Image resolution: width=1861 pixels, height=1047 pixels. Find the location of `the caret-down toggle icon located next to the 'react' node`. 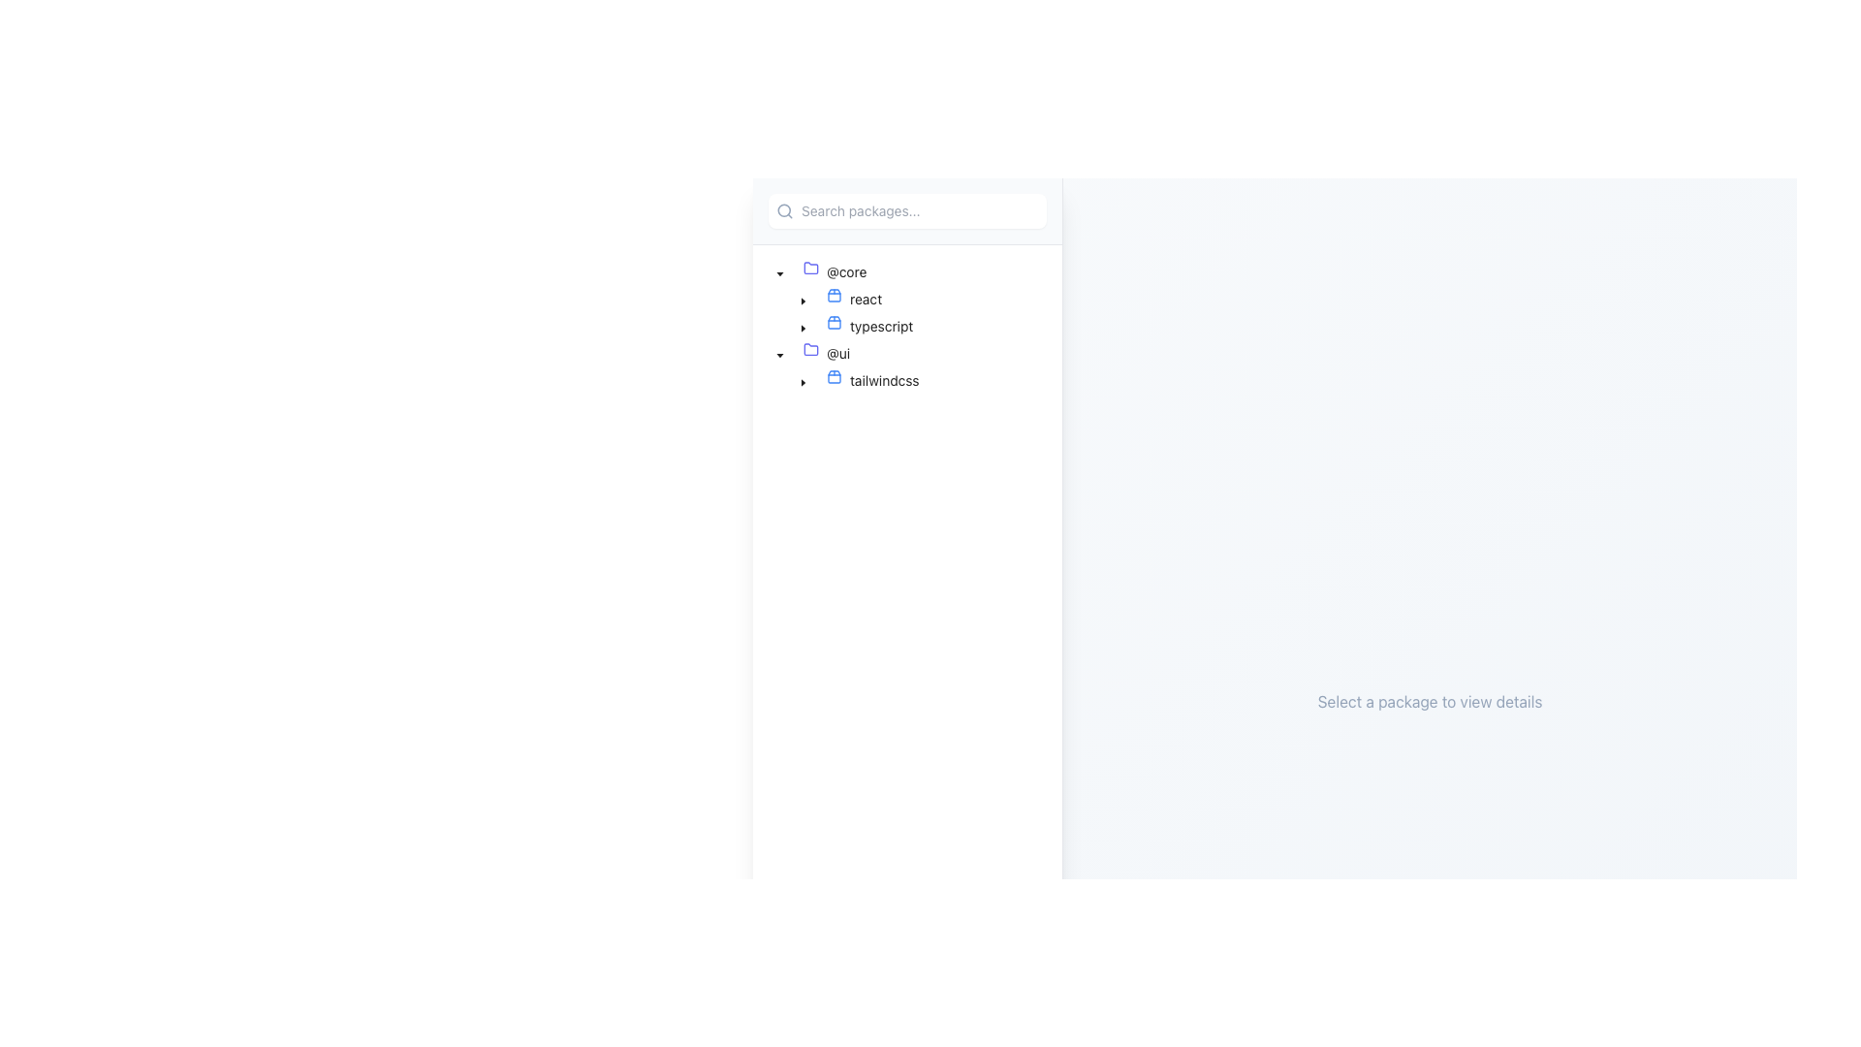

the caret-down toggle icon located next to the 'react' node is located at coordinates (804, 301).